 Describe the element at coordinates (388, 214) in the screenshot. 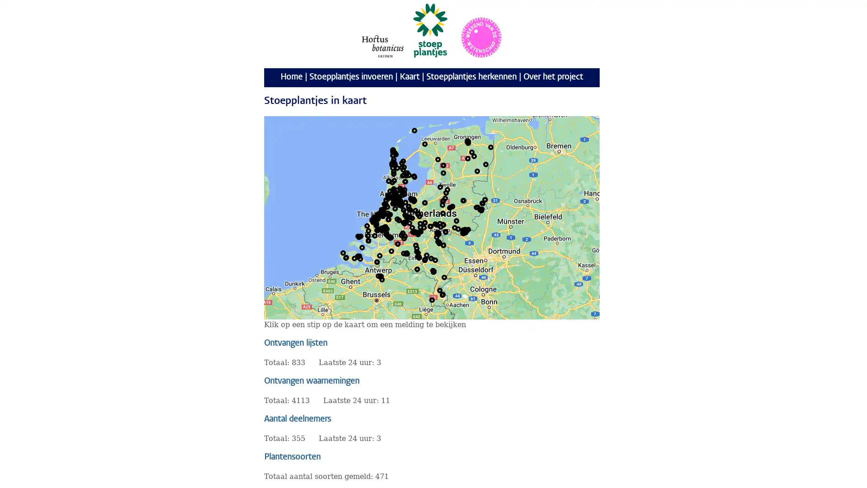

I see `Telling van Daphne op 23 mei 2022` at that location.